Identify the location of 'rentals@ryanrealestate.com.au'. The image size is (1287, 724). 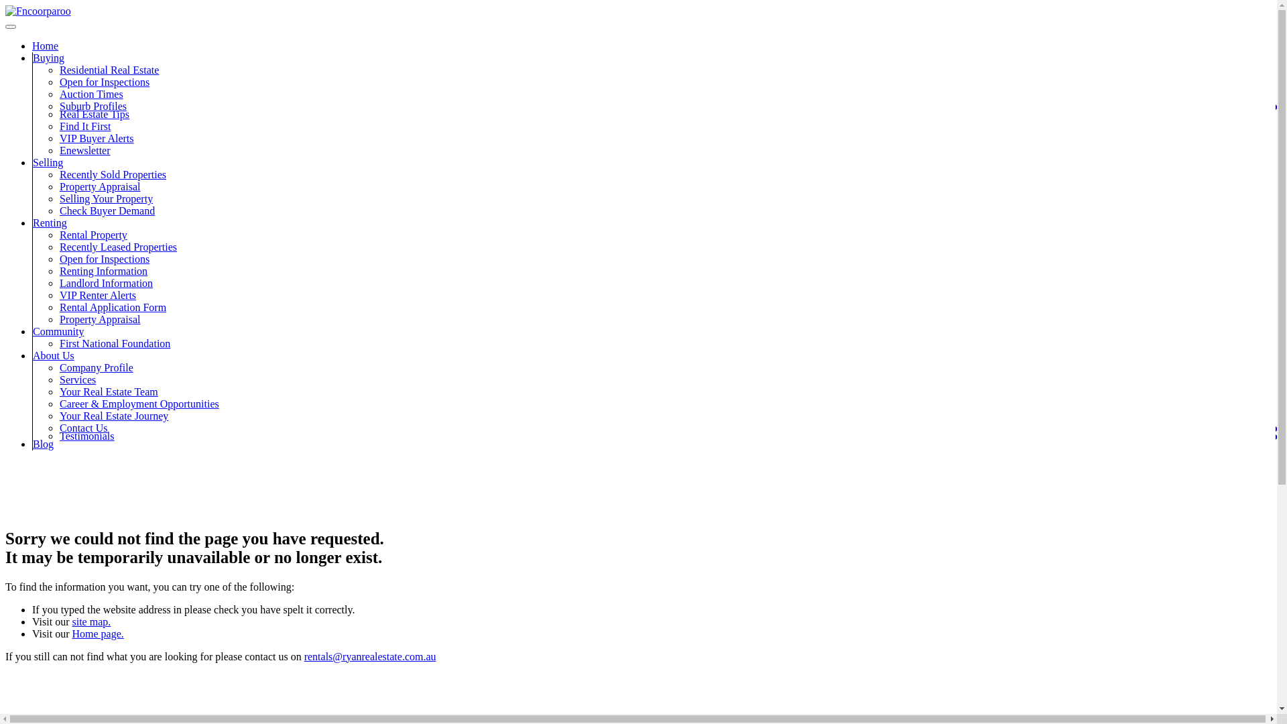
(370, 655).